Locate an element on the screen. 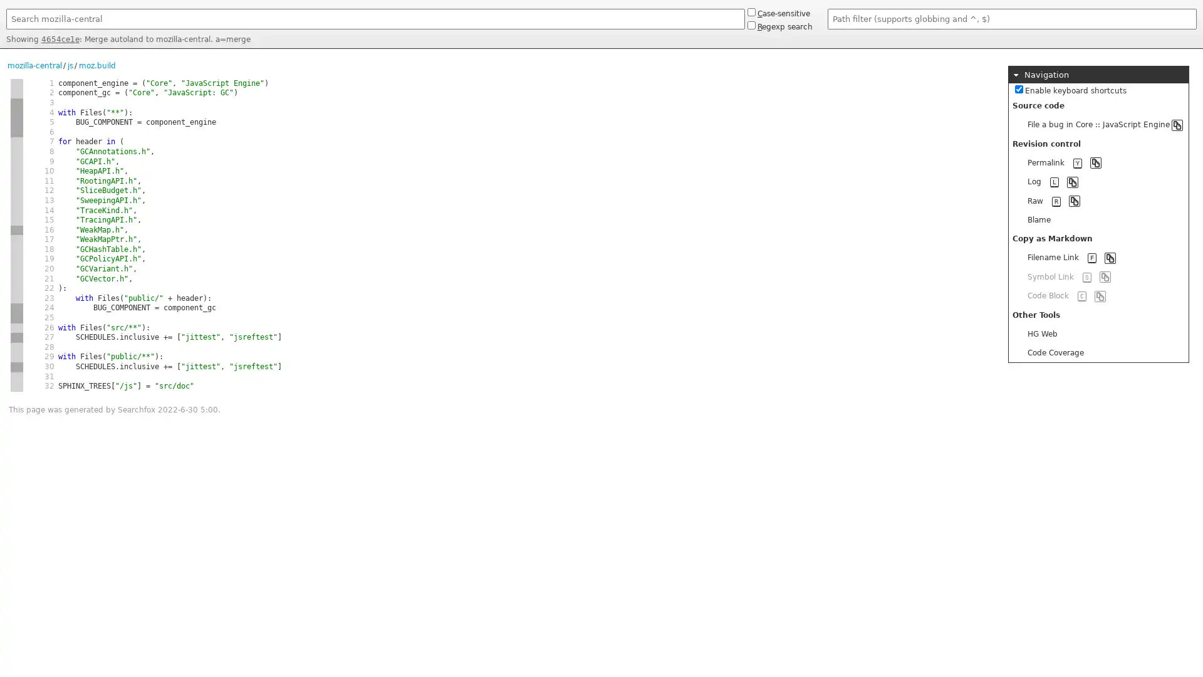  same hash 1 is located at coordinates (17, 171).